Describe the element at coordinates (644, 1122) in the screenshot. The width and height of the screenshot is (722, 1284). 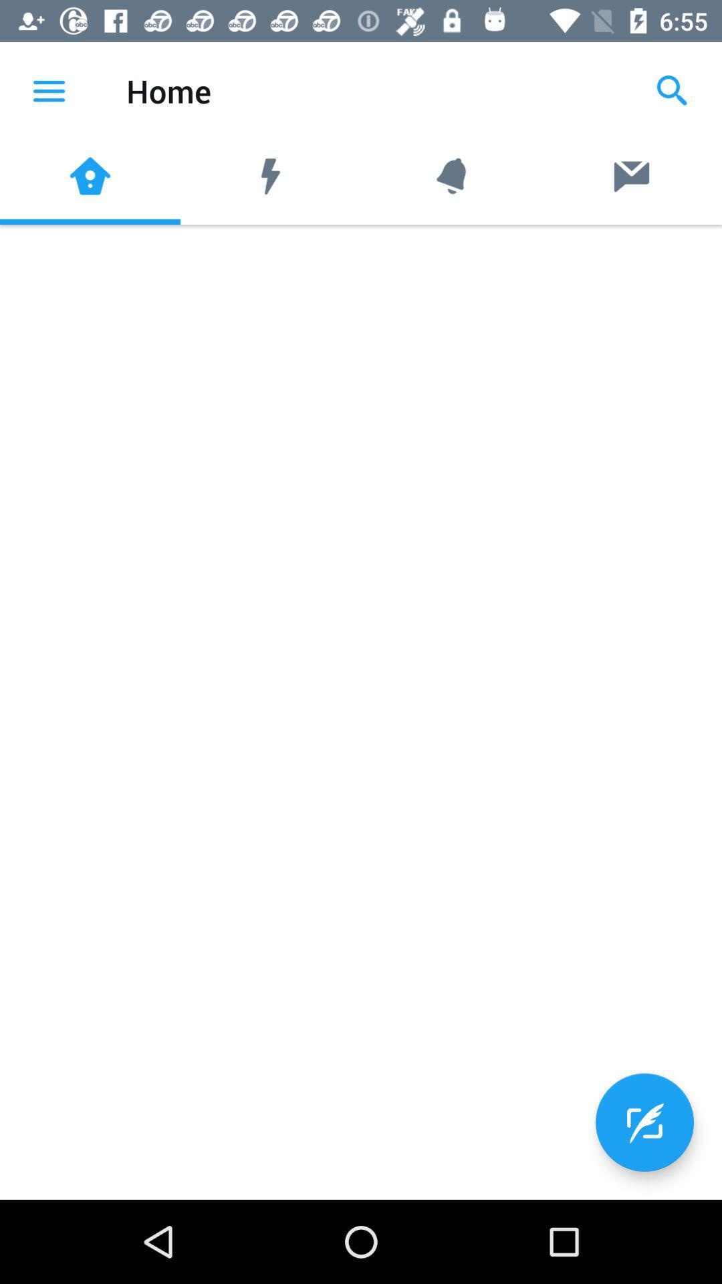
I see `item at the bottom right corner` at that location.